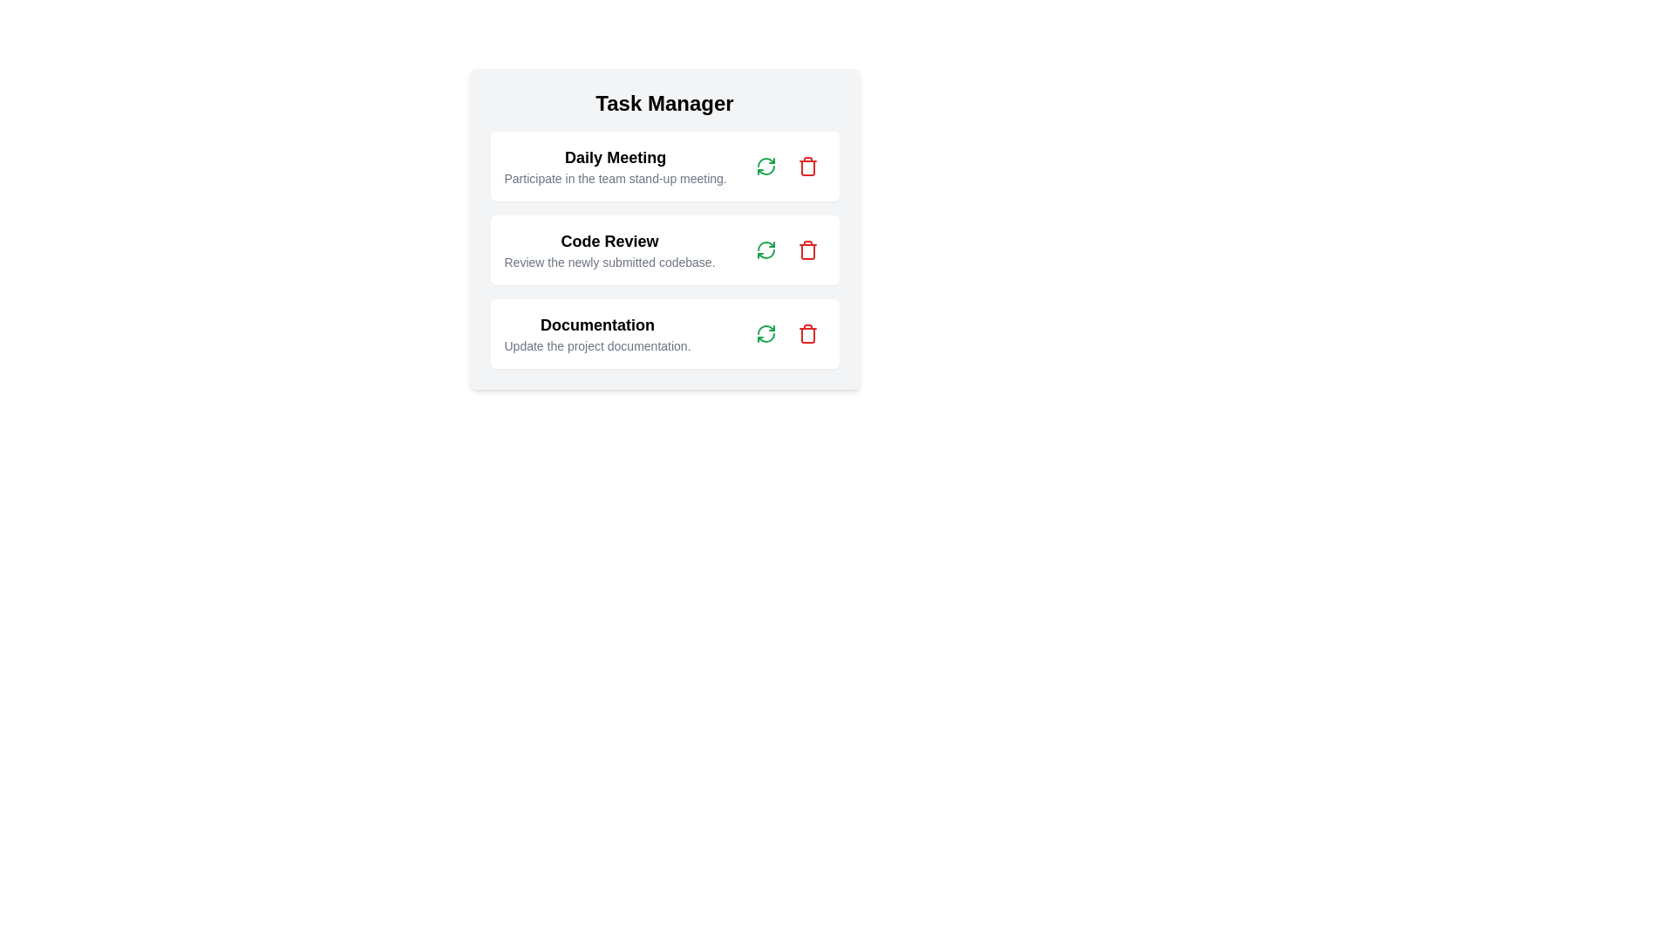 The image size is (1674, 942). Describe the element at coordinates (806, 249) in the screenshot. I see `the red trash can icon for keyboard navigation` at that location.